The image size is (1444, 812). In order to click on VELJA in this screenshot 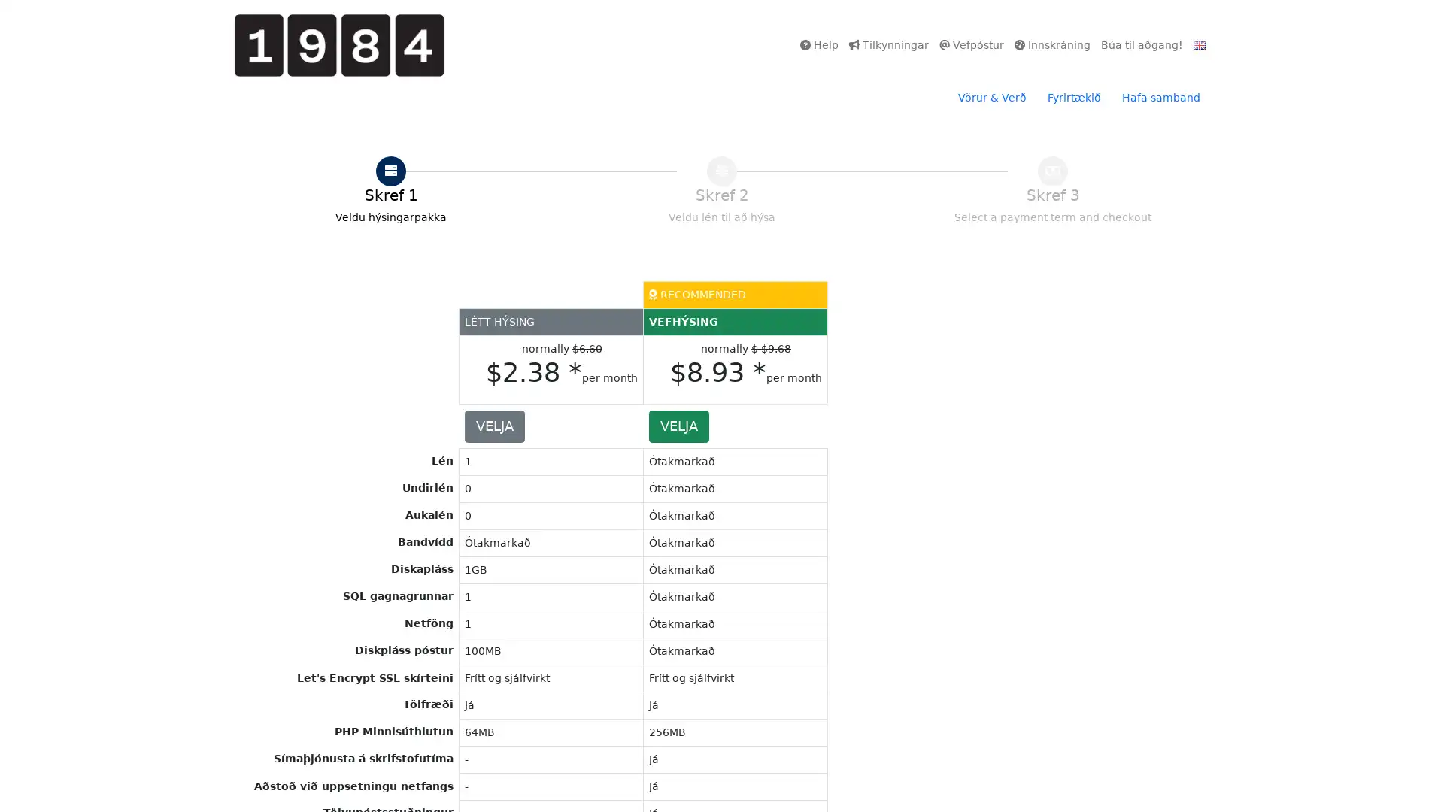, I will do `click(494, 426)`.